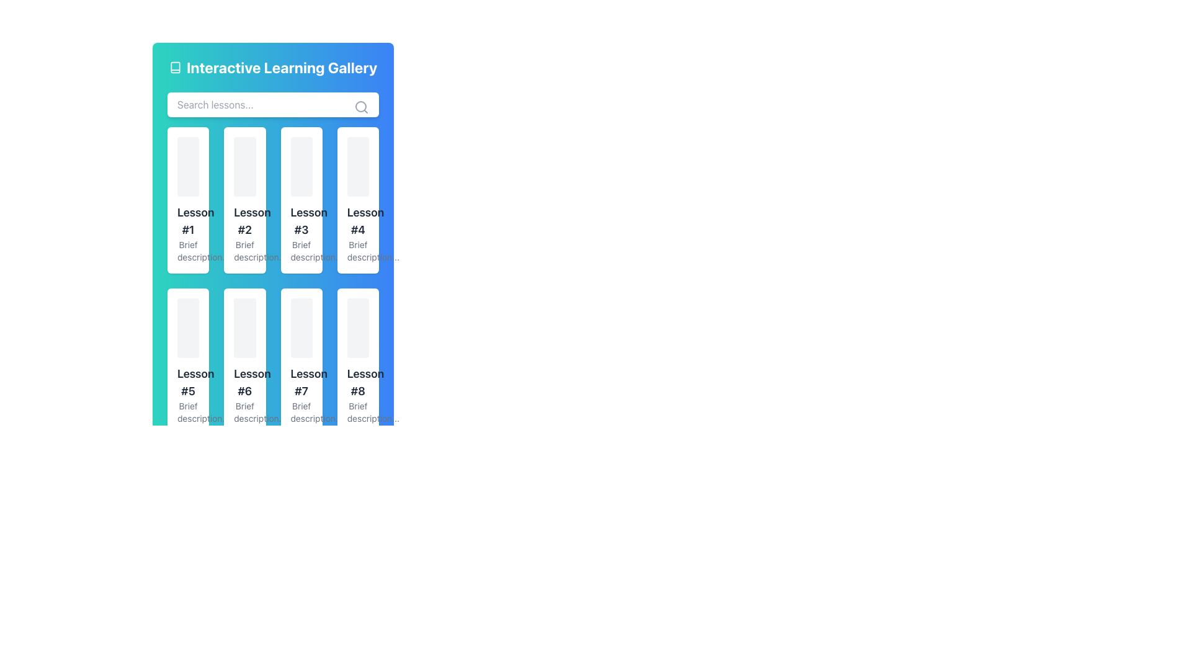  Describe the element at coordinates (301, 412) in the screenshot. I see `the text area containing the phrase 'Brief description...' located under the title 'Lesson #7' in the card layout` at that location.